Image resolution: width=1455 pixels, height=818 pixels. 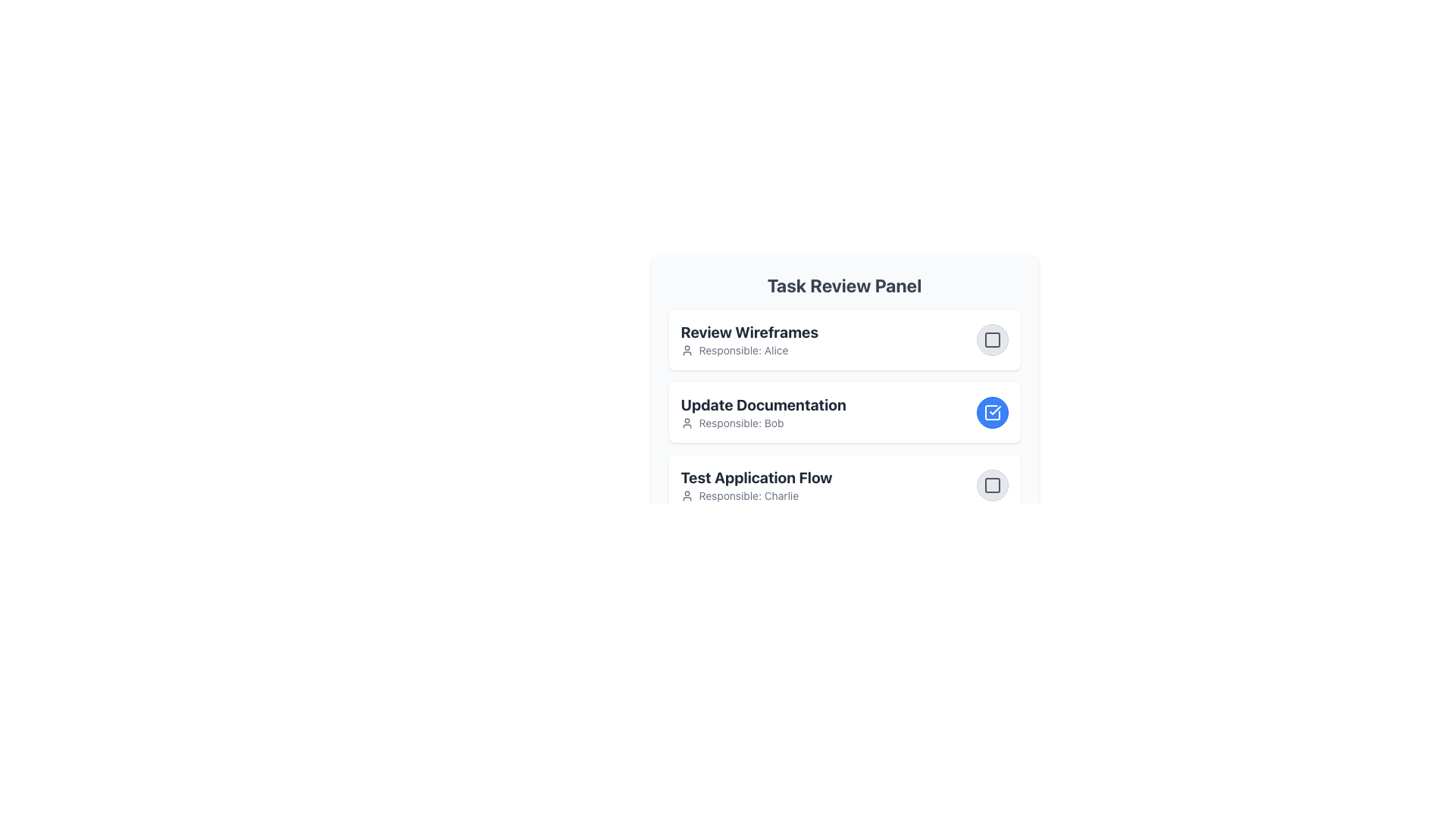 I want to click on the distinctive circular button in the 'Task Review Panel' section to confirm the task 'Update Documentation' as complete, so click(x=992, y=412).